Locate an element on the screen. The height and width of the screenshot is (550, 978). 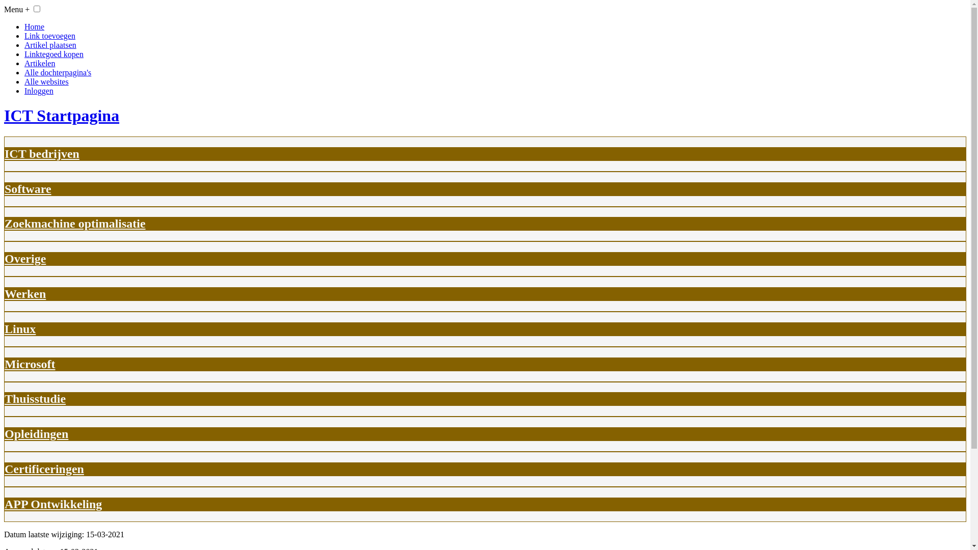
'ICT bedrijven' is located at coordinates (5, 153).